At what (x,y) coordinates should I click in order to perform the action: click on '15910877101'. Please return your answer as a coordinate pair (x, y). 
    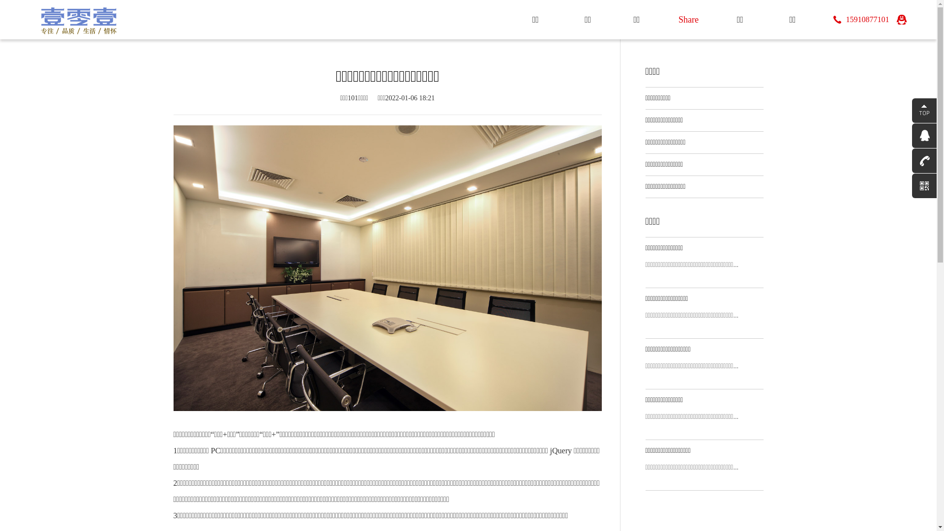
    Looking at the image, I should click on (861, 19).